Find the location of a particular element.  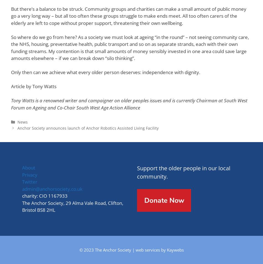

'Only then can we achieve what every older person deserves: independence with dignity.' is located at coordinates (105, 72).